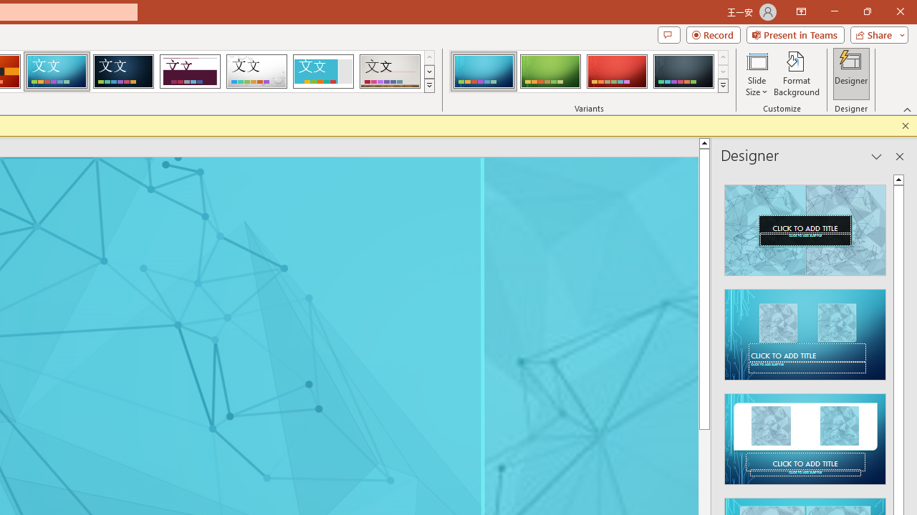 The image size is (917, 515). Describe the element at coordinates (390, 72) in the screenshot. I see `'Gallery'` at that location.